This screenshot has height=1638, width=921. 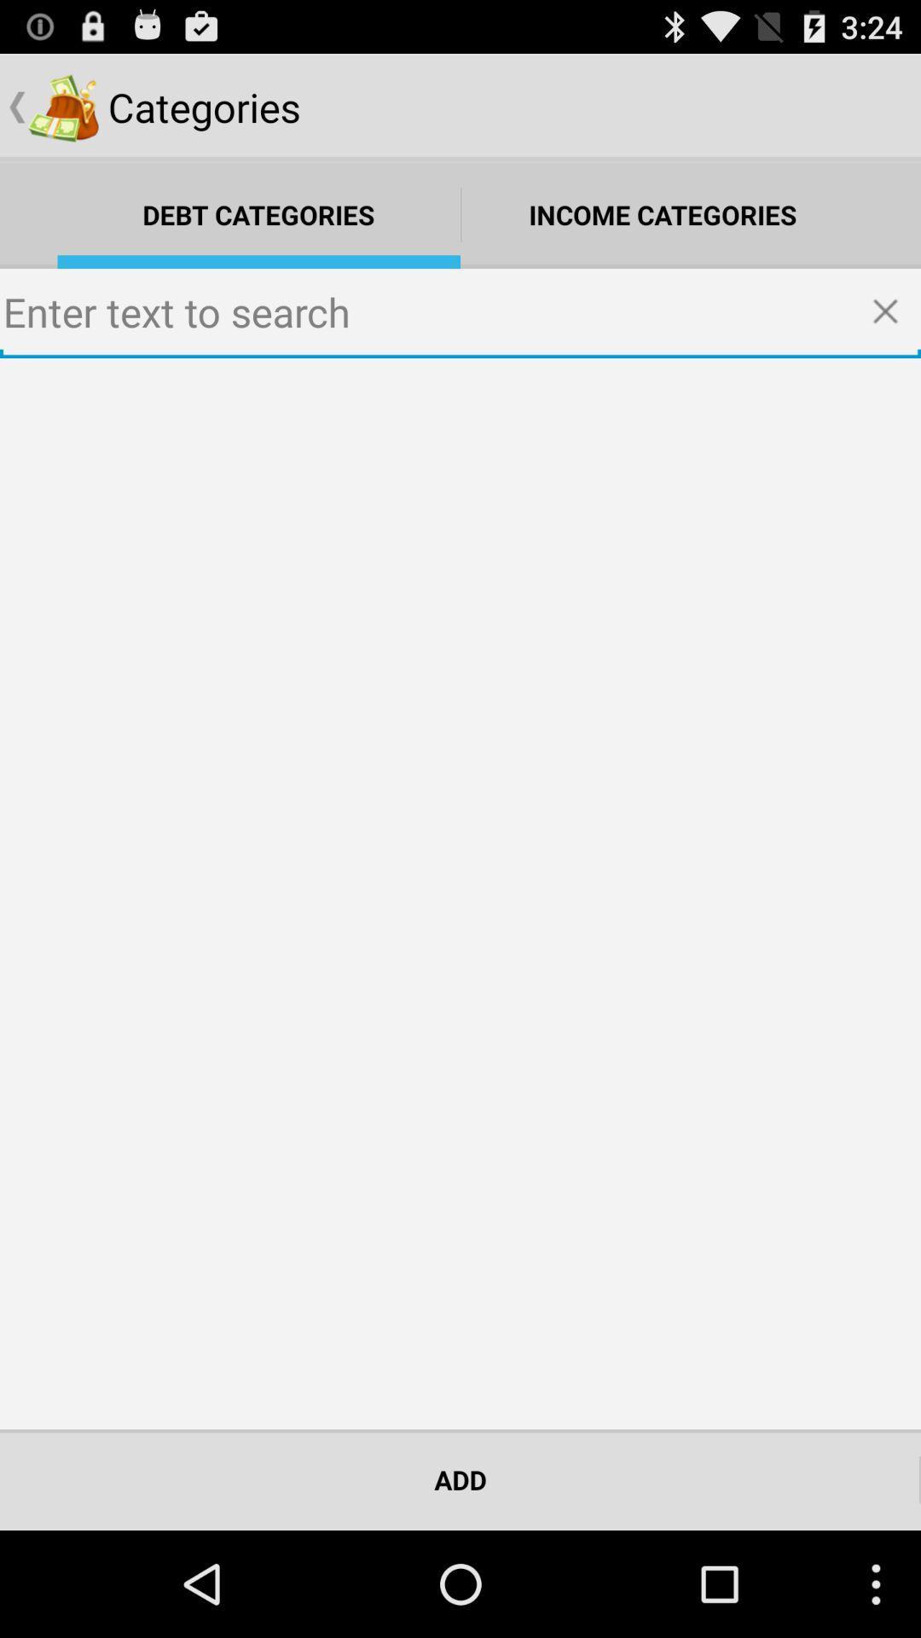 I want to click on item at the center, so click(x=460, y=892).